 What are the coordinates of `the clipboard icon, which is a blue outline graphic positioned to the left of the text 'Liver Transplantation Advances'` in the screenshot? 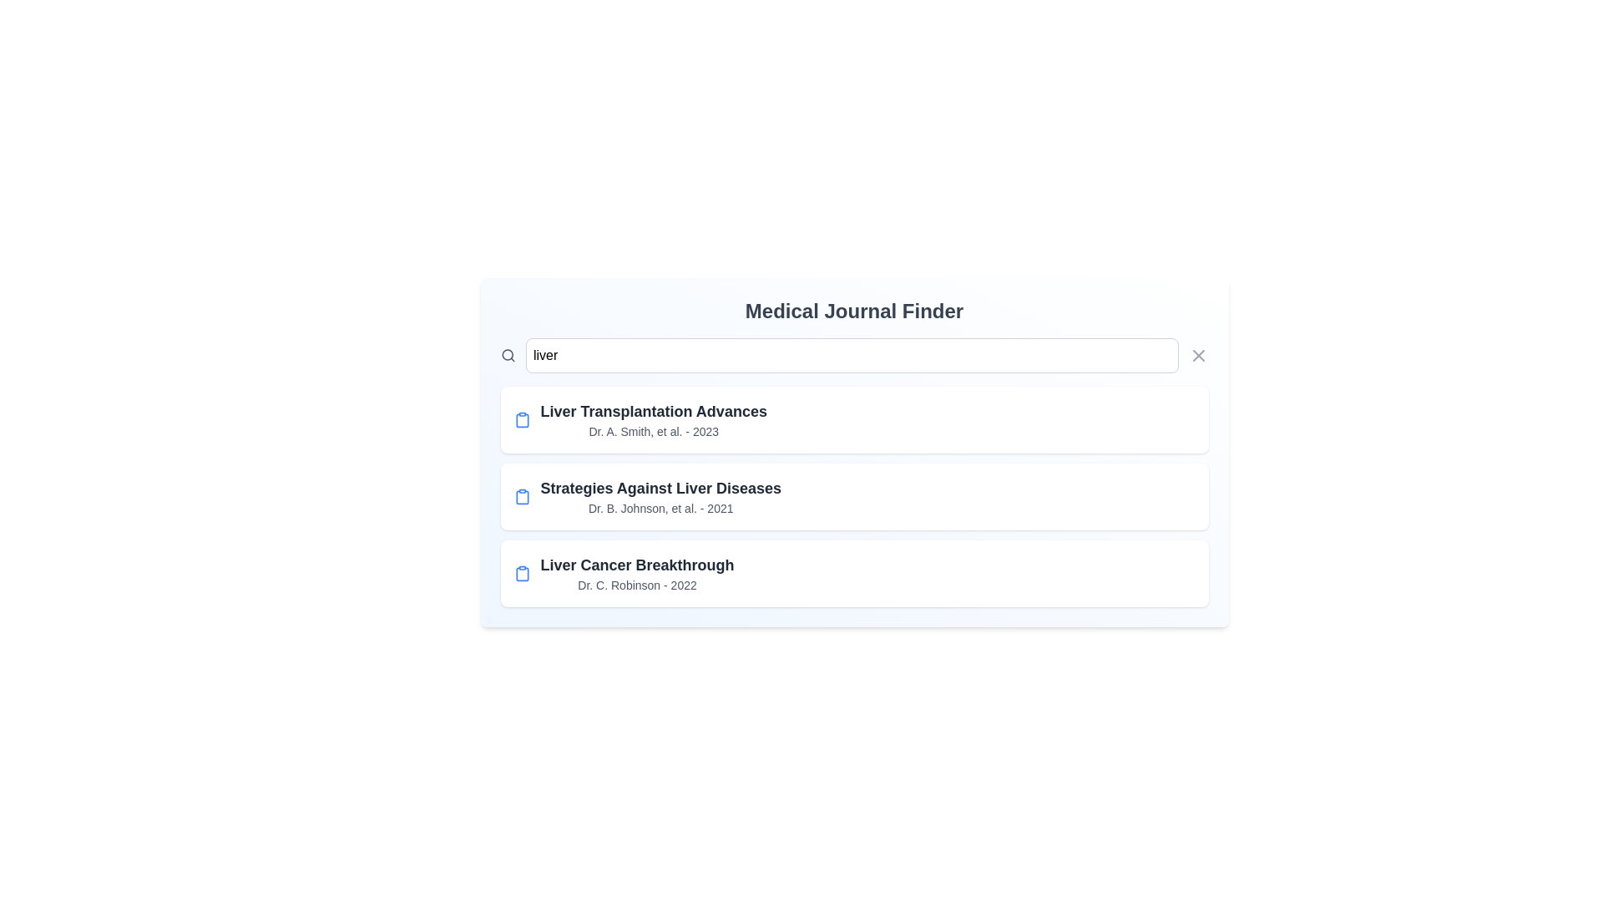 It's located at (521, 418).